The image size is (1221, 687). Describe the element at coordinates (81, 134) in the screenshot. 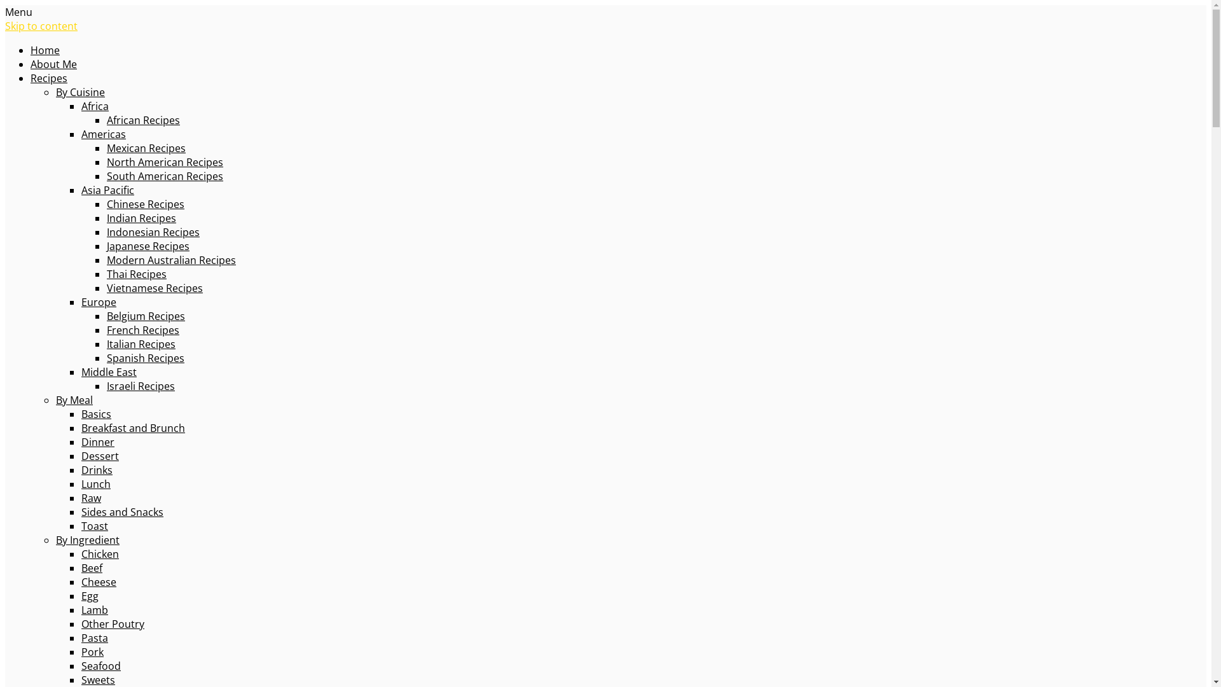

I see `'Americas'` at that location.